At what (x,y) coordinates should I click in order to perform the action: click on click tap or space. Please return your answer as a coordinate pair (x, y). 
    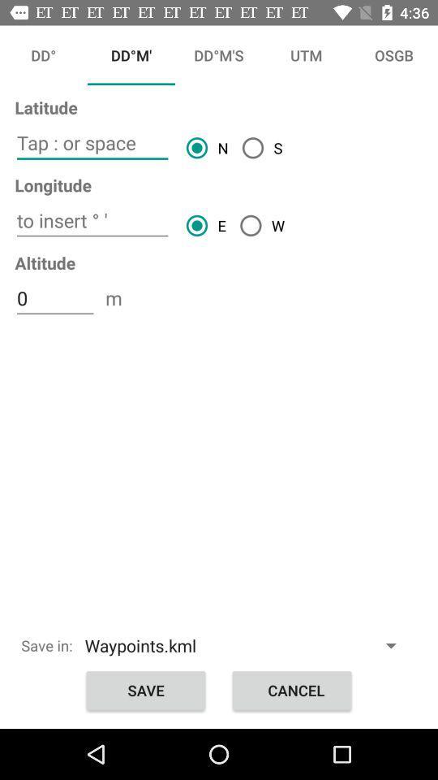
    Looking at the image, I should click on (92, 142).